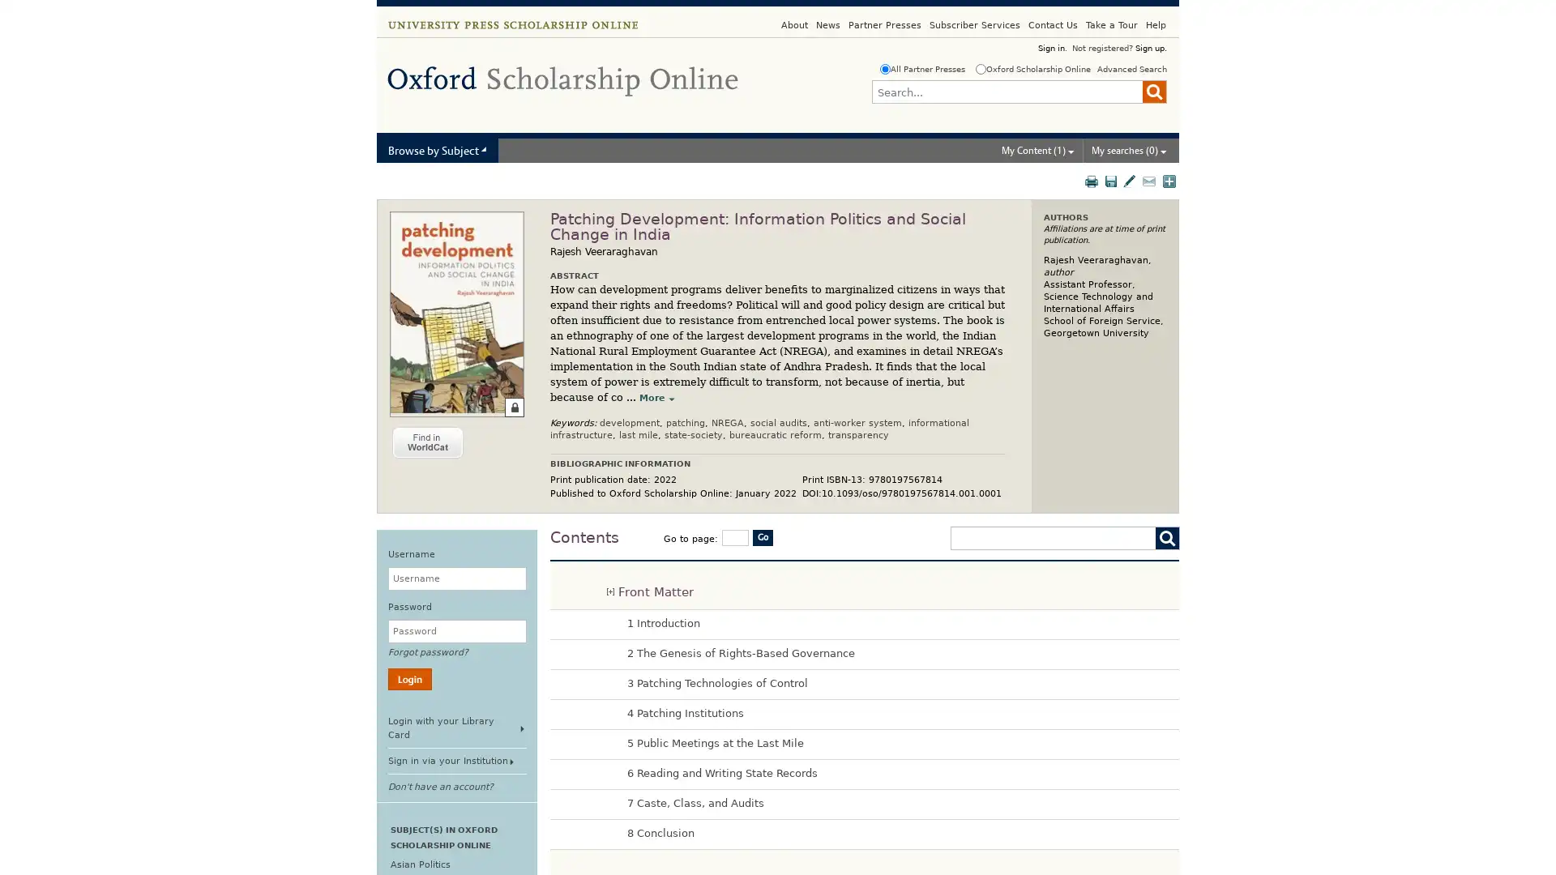 This screenshot has height=875, width=1556. Describe the element at coordinates (1163, 538) in the screenshot. I see `GO` at that location.